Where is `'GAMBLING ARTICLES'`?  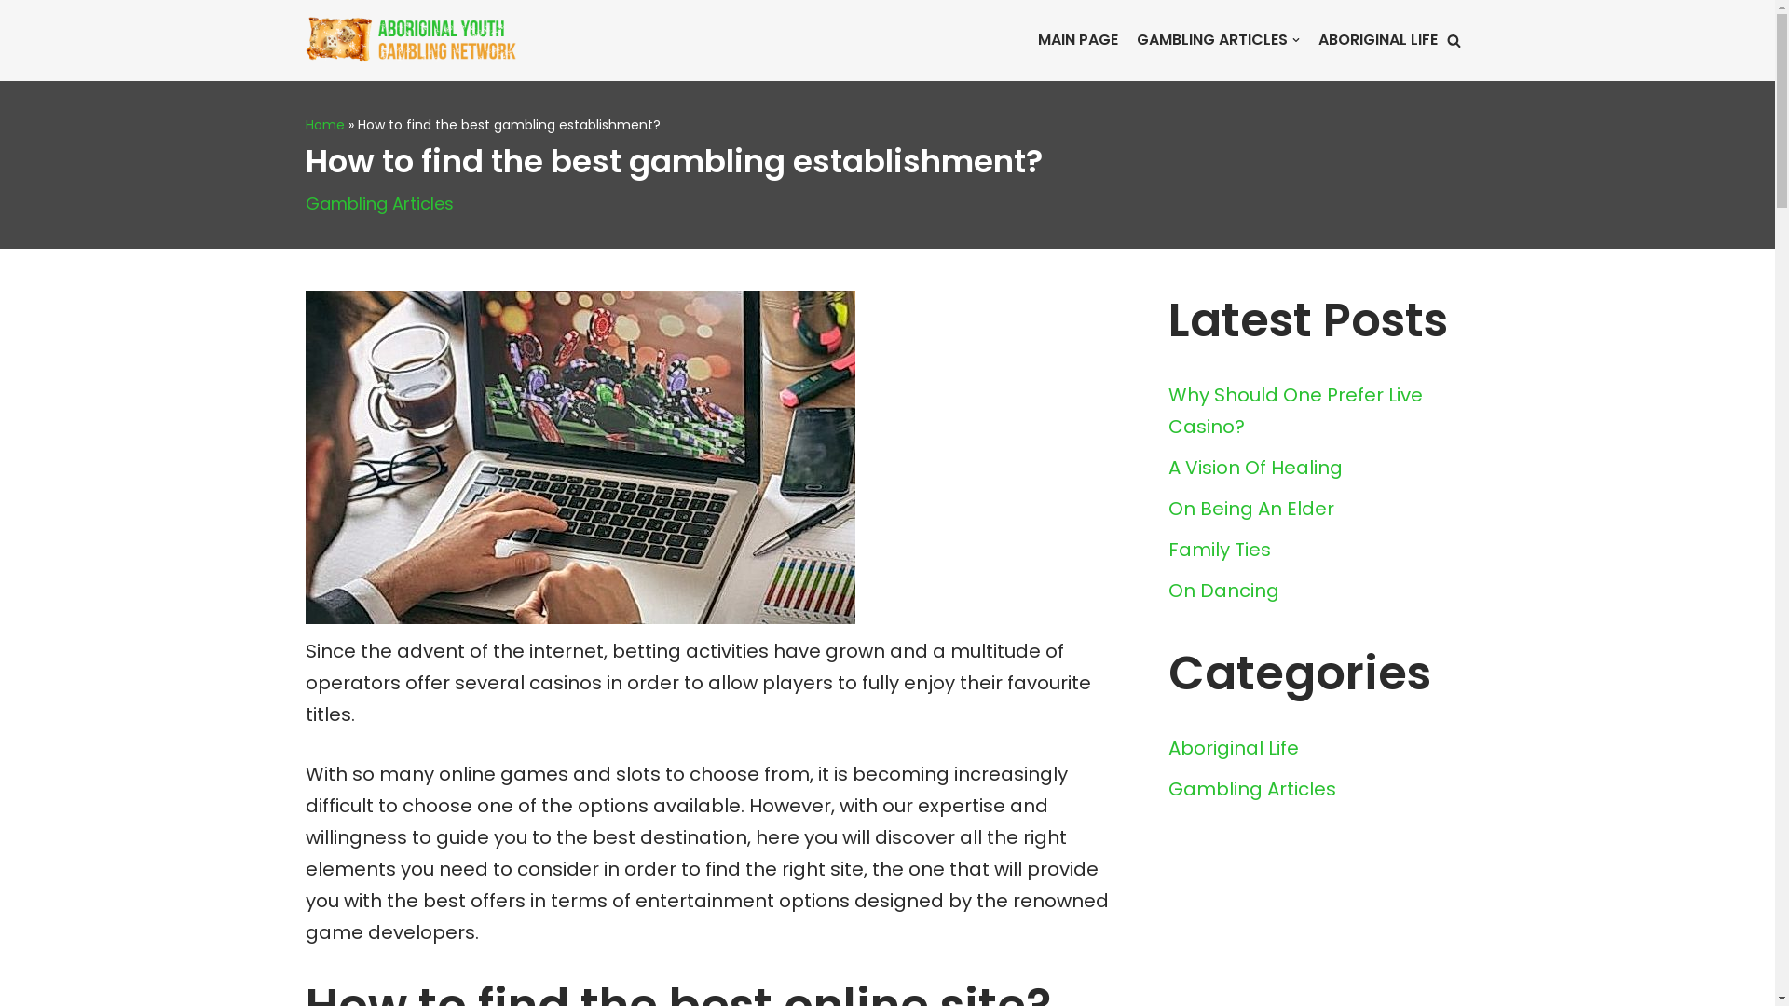 'GAMBLING ARTICLES' is located at coordinates (1218, 39).